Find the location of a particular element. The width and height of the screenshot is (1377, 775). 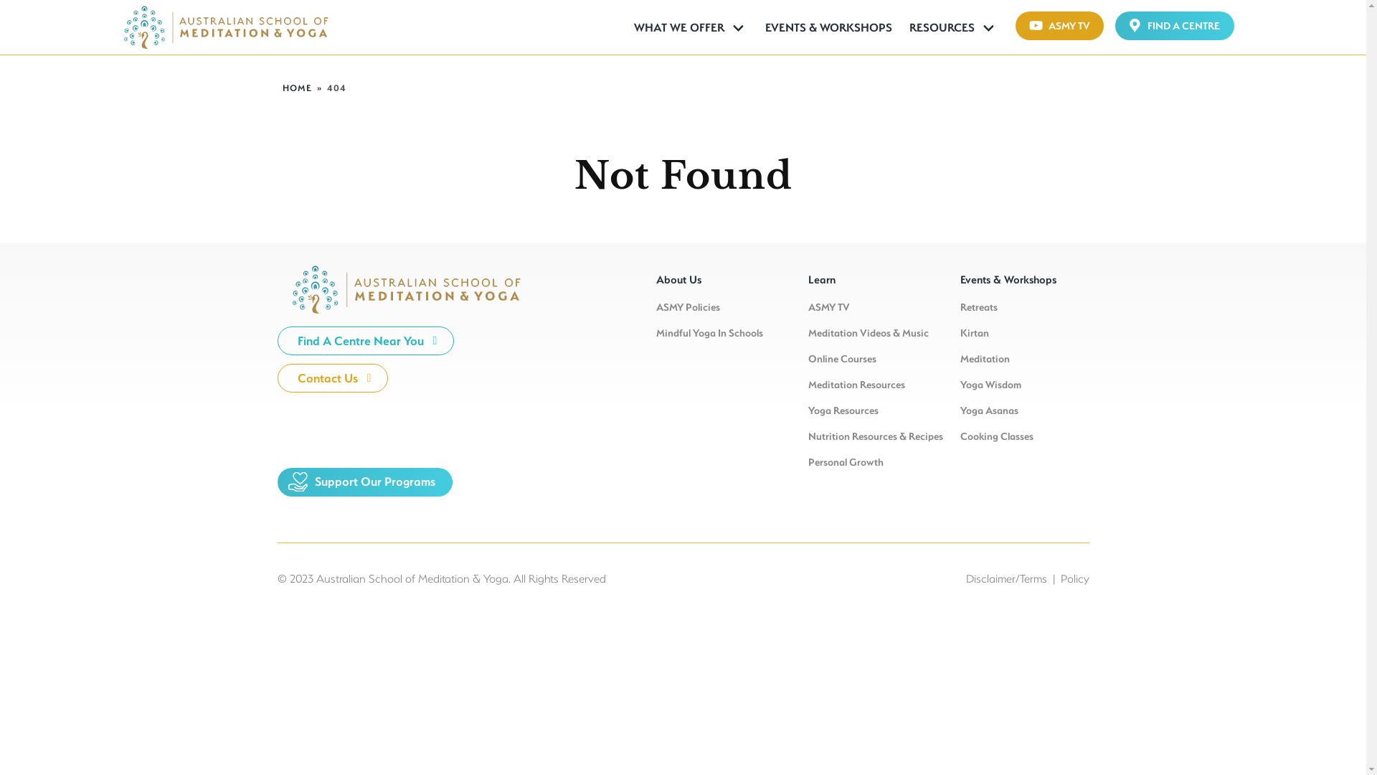

'FIND A CENTRE' is located at coordinates (1174, 25).